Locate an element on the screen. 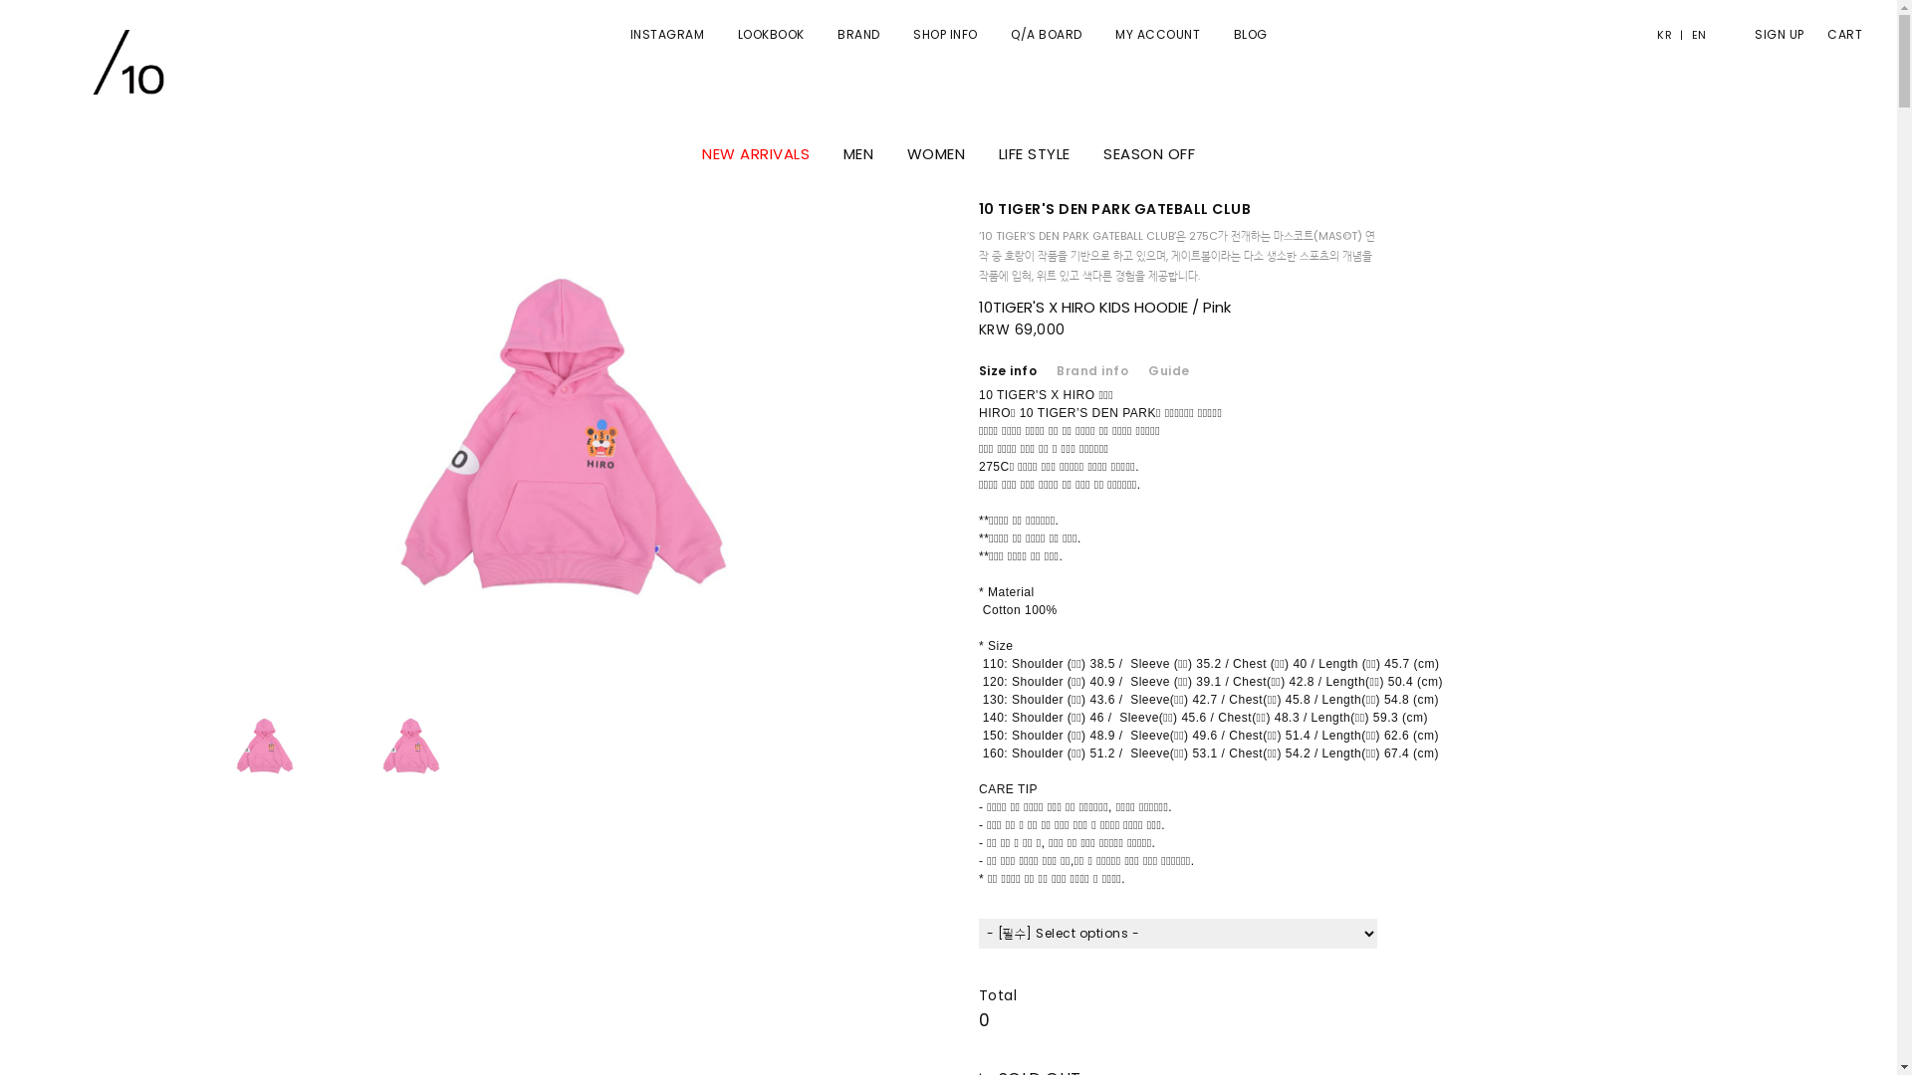 This screenshot has height=1075, width=1912. 'KR' is located at coordinates (1668, 34).